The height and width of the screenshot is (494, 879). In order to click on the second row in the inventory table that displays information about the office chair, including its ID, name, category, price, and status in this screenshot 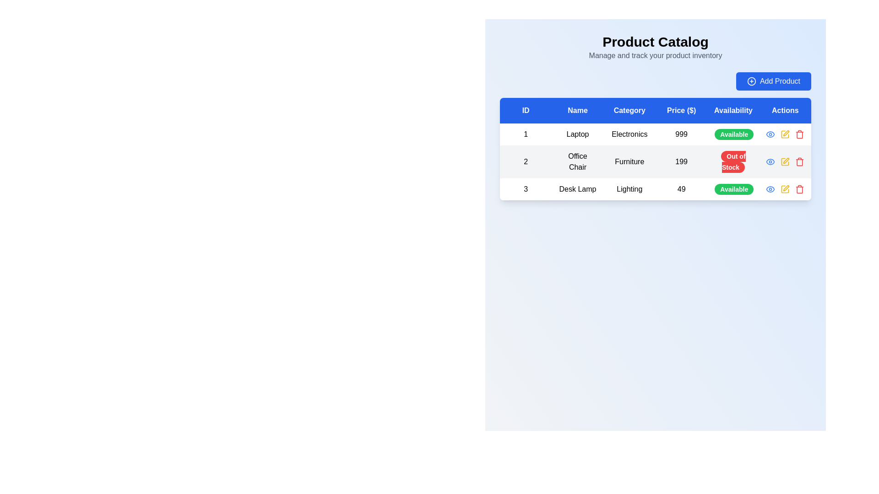, I will do `click(655, 161)`.